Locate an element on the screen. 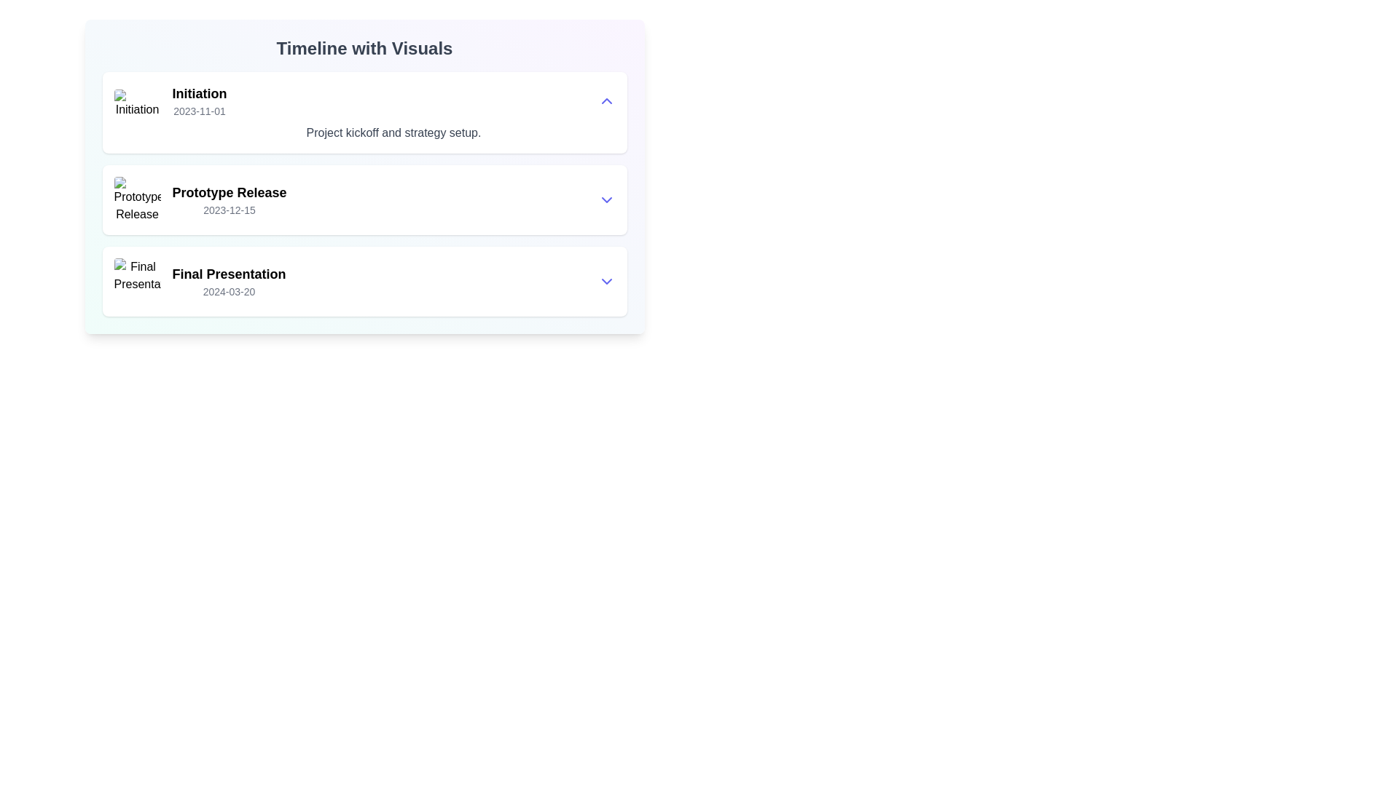 The image size is (1399, 786). the Dropdown toggle button located in the 'Prototype Release 2023-12-15' section is located at coordinates (606, 199).